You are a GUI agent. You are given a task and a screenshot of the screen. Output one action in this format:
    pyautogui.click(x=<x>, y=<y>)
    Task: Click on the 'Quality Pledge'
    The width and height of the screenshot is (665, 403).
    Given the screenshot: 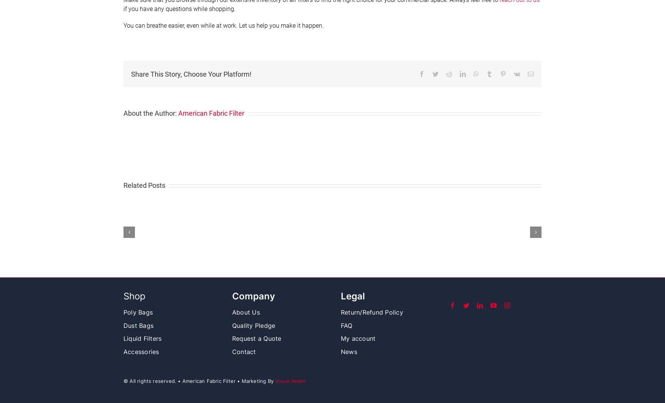 What is the action you would take?
    pyautogui.click(x=232, y=325)
    